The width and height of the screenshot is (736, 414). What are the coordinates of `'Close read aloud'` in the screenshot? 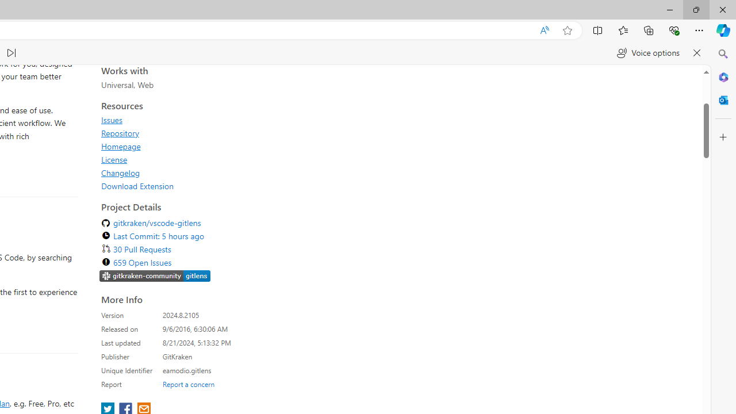 It's located at (696, 53).